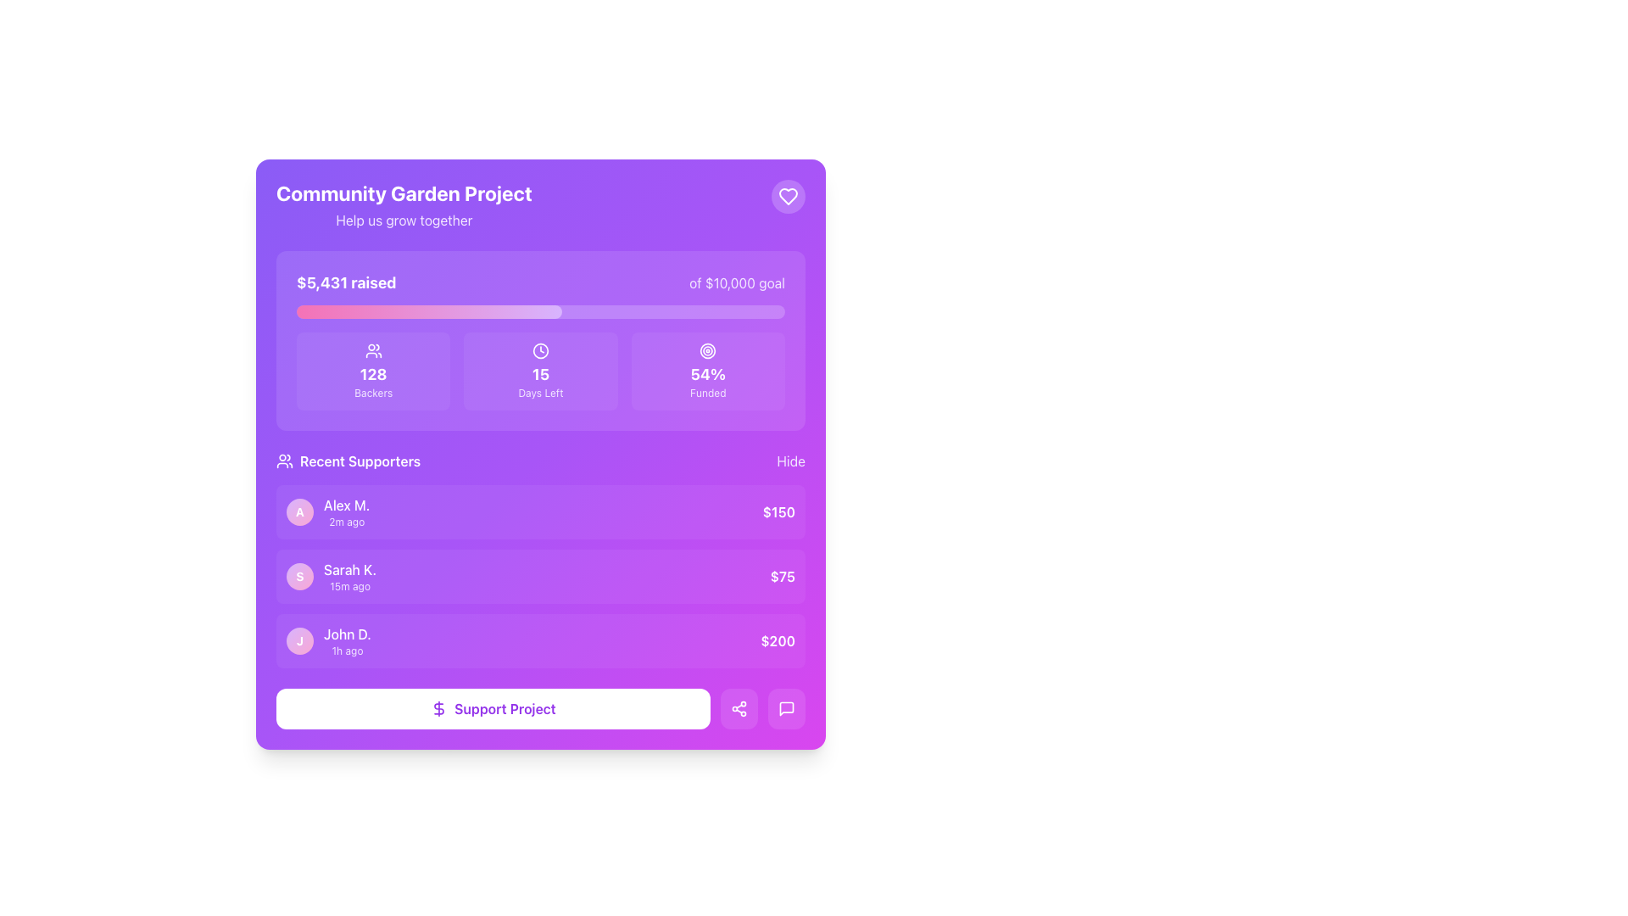 This screenshot has height=916, width=1628. Describe the element at coordinates (708, 371) in the screenshot. I see `the Informational card displaying '54%' and 'Funded', which is located in the third column of a grid layout, positioned near the top of the window` at that location.